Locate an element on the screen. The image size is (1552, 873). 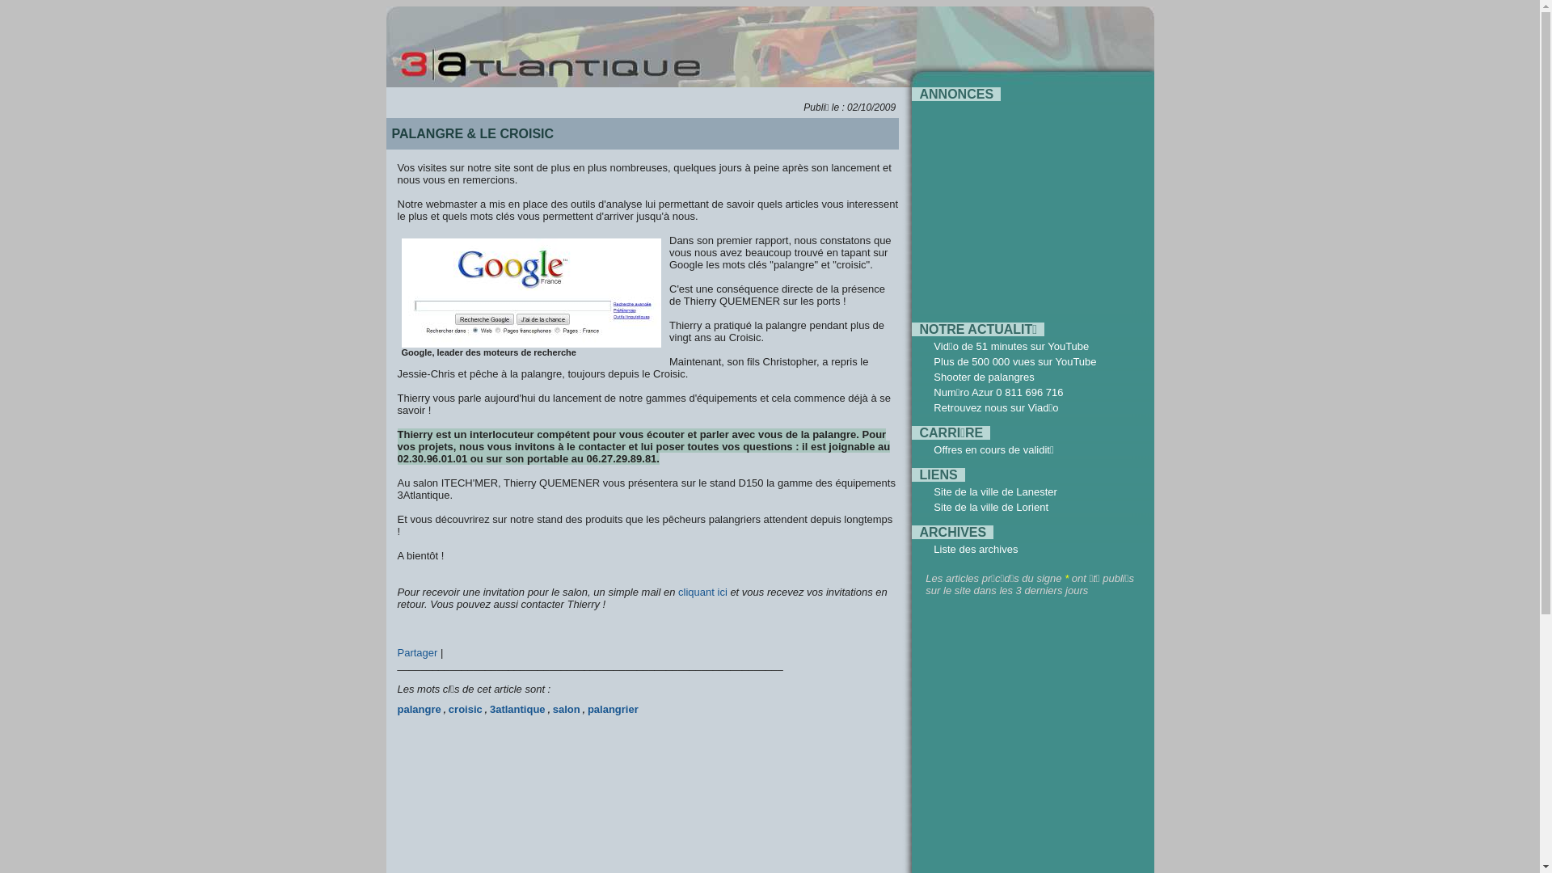
'cliquant ici' is located at coordinates (702, 592).